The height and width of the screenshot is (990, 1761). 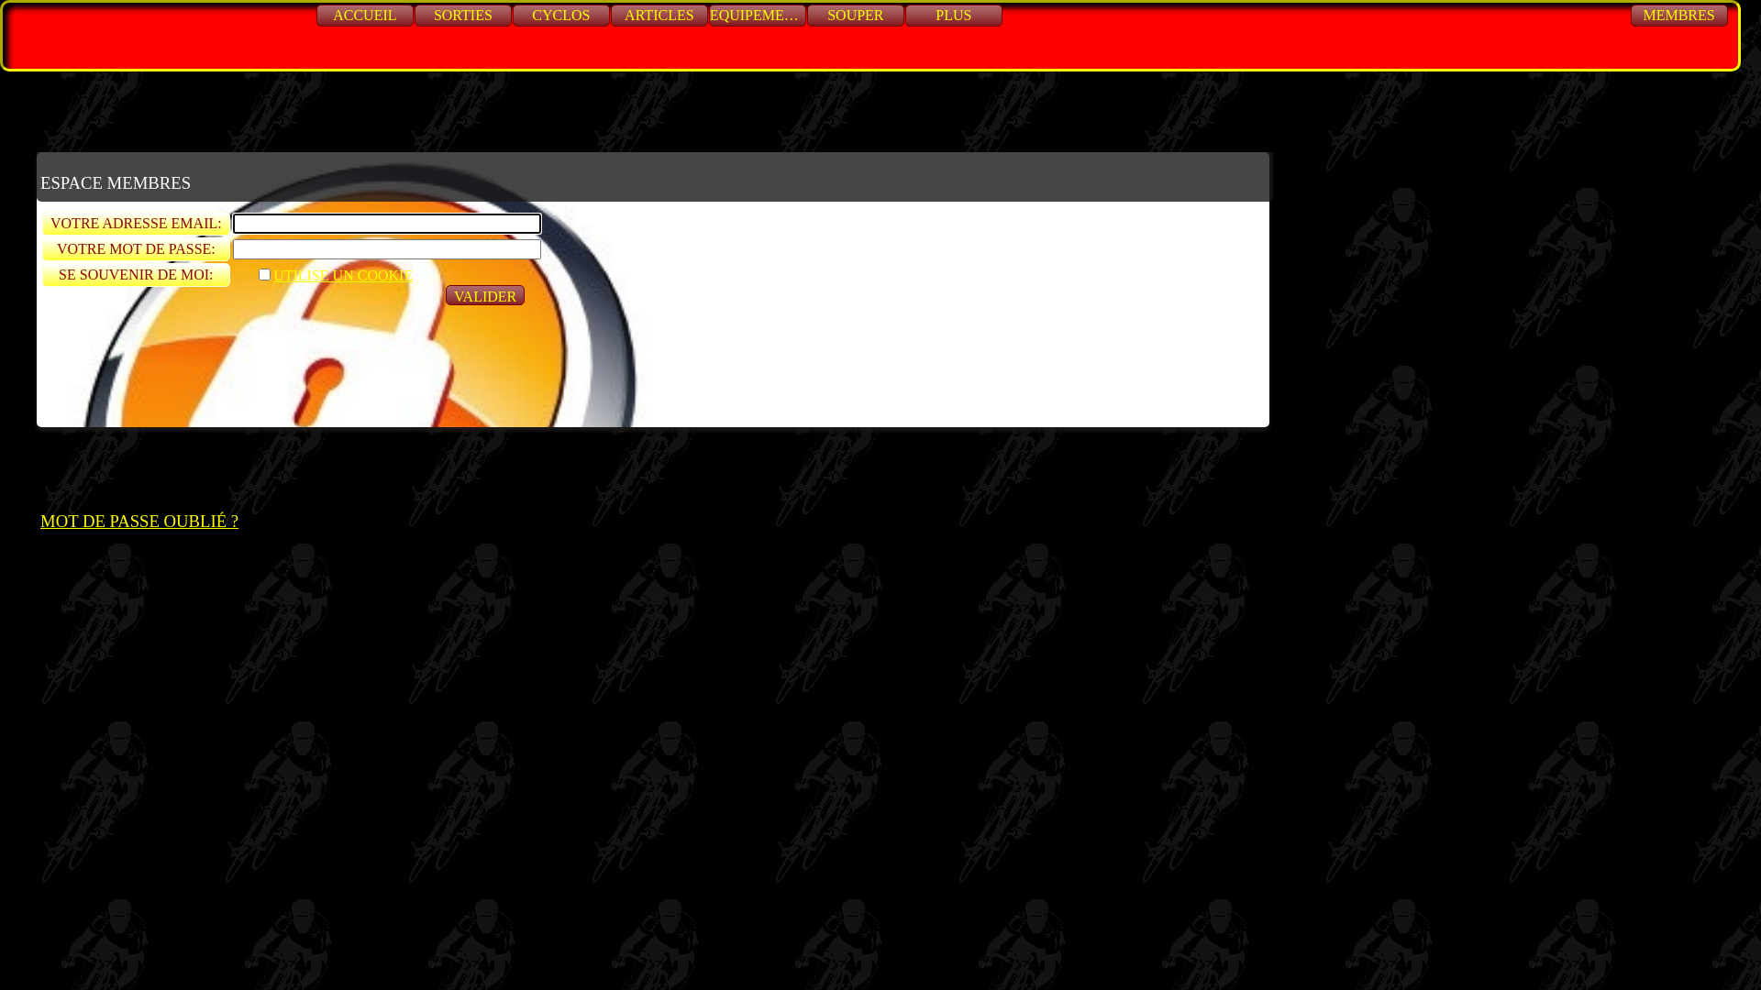 I want to click on 'Valider', so click(x=445, y=293).